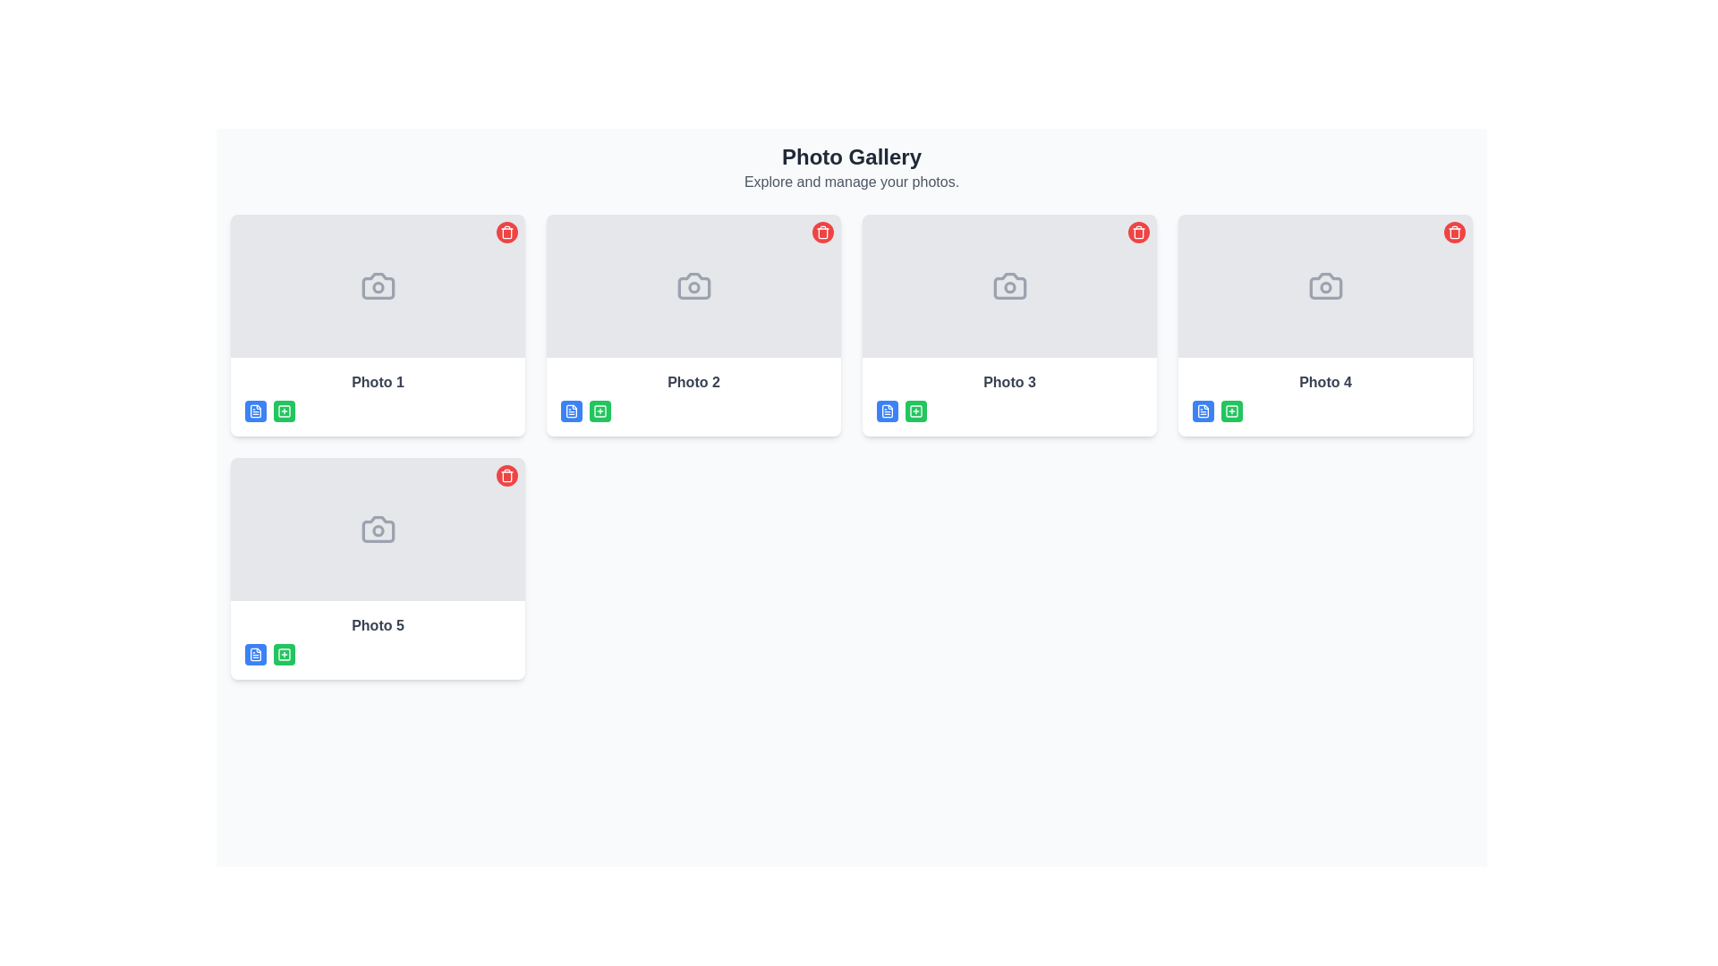 This screenshot has height=966, width=1718. What do you see at coordinates (255, 655) in the screenshot?
I see `the small rectangular blue button with rounded edges containing a document icon, located at the leftmost side of the action buttons below 'Photo 5'` at bounding box center [255, 655].